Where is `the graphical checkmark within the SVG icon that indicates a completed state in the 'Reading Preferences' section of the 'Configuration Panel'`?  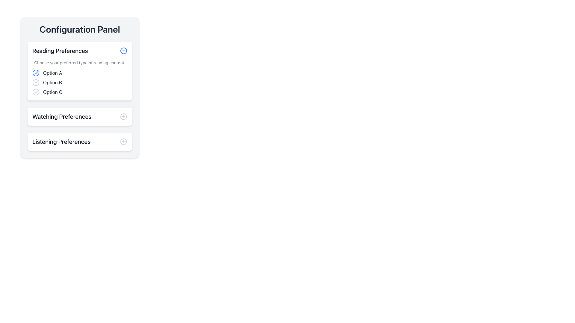 the graphical checkmark within the SVG icon that indicates a completed state in the 'Reading Preferences' section of the 'Configuration Panel' is located at coordinates (37, 82).